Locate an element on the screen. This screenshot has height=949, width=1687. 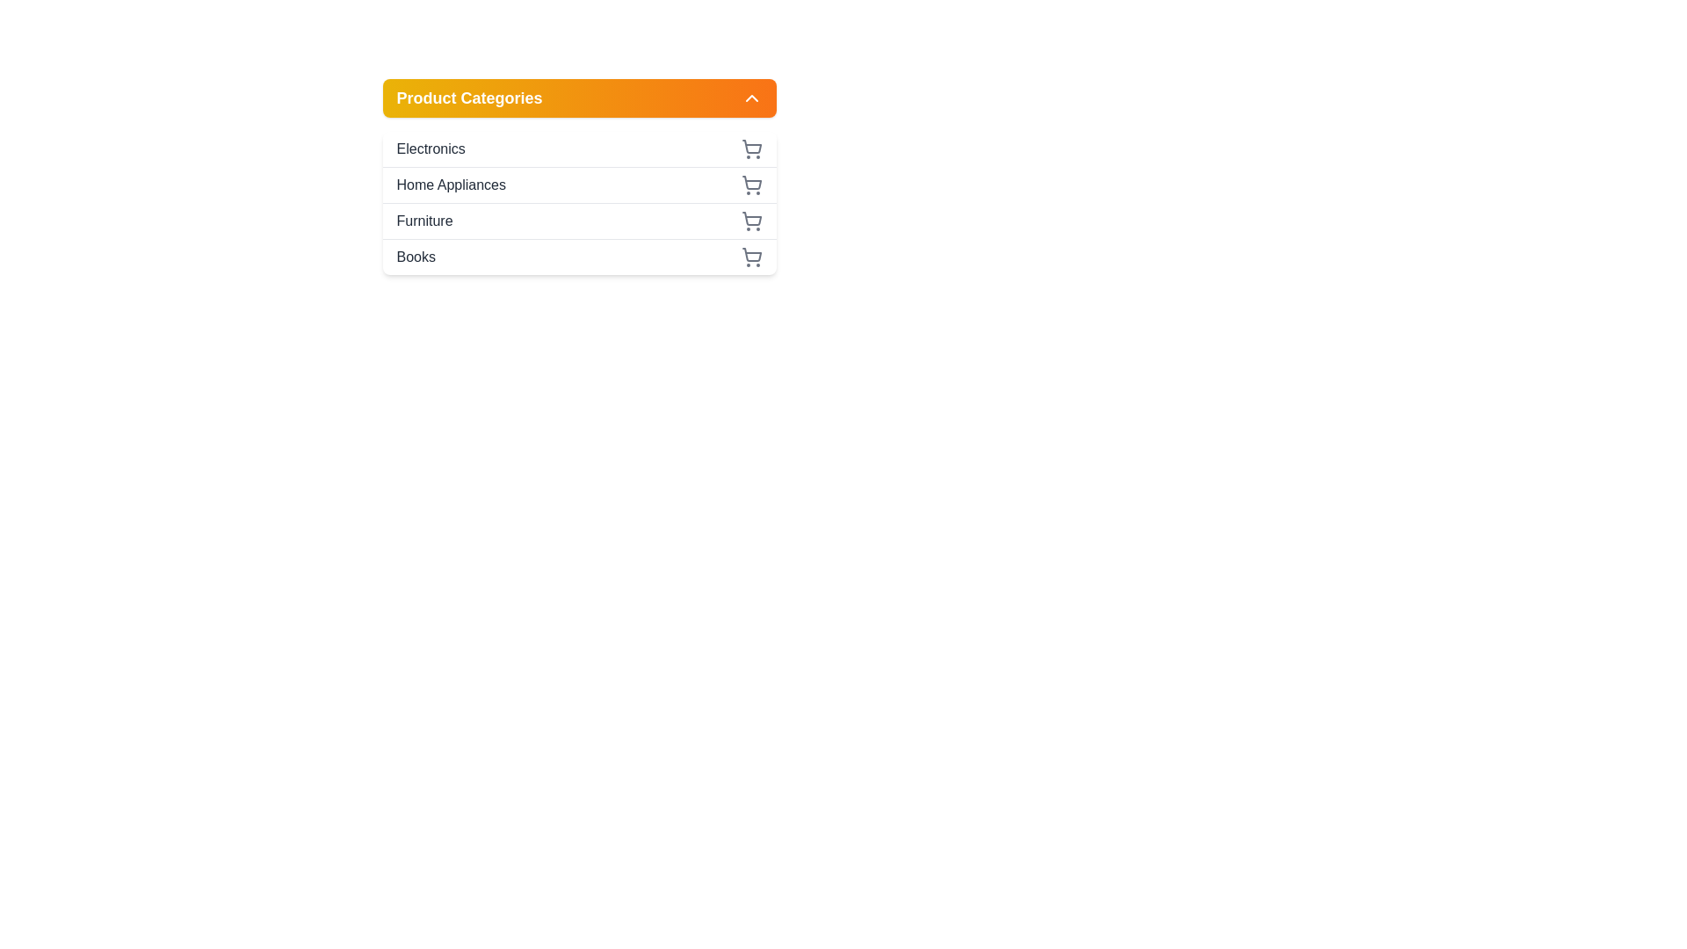
the 'Home Appliances' list item is located at coordinates (579, 185).